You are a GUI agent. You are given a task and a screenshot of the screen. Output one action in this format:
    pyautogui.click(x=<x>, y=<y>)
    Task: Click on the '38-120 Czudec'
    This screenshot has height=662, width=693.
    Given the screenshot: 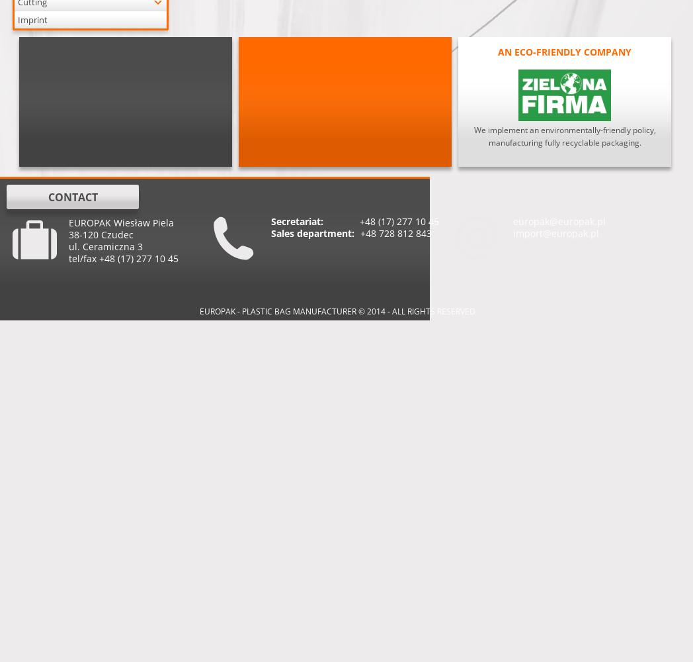 What is the action you would take?
    pyautogui.click(x=101, y=234)
    